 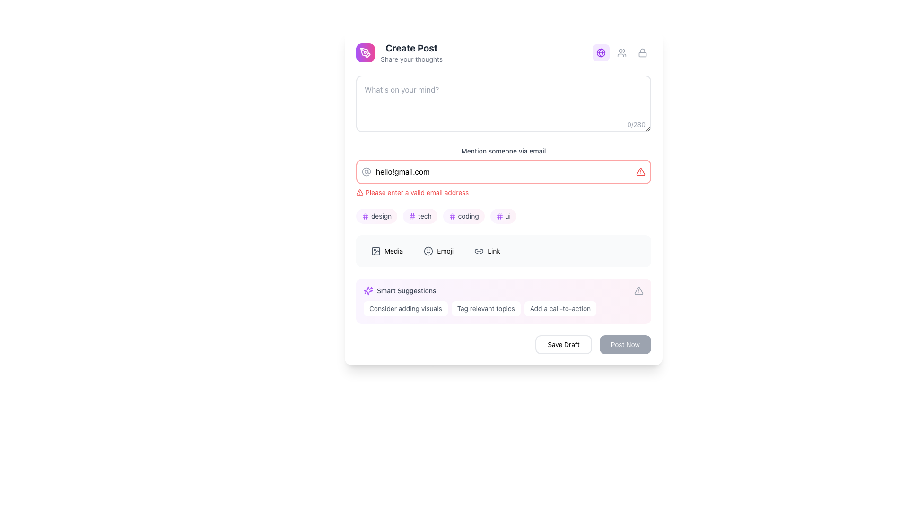 I want to click on the warning icon positioned to the right of the email input field, which indicates a validation issue, so click(x=359, y=192).